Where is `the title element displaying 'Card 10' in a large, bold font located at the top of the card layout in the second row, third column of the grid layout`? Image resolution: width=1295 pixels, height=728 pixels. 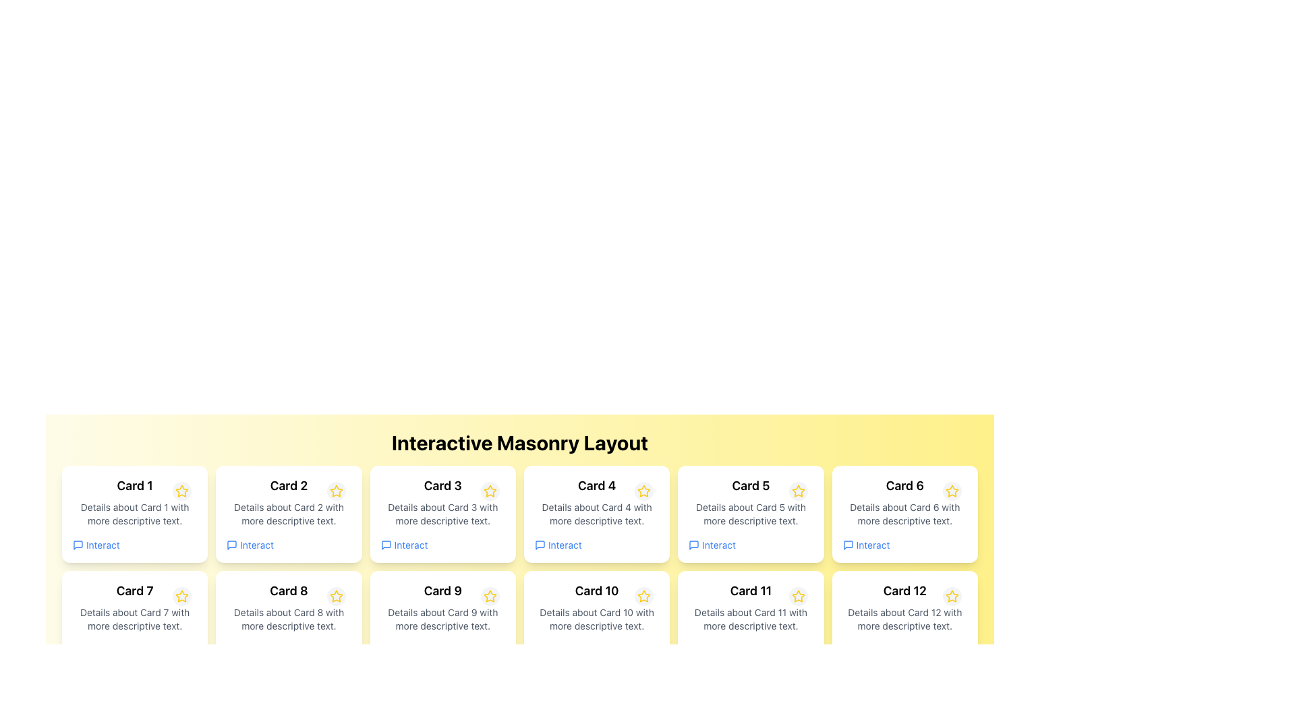
the title element displaying 'Card 10' in a large, bold font located at the top of the card layout in the second row, third column of the grid layout is located at coordinates (596, 590).